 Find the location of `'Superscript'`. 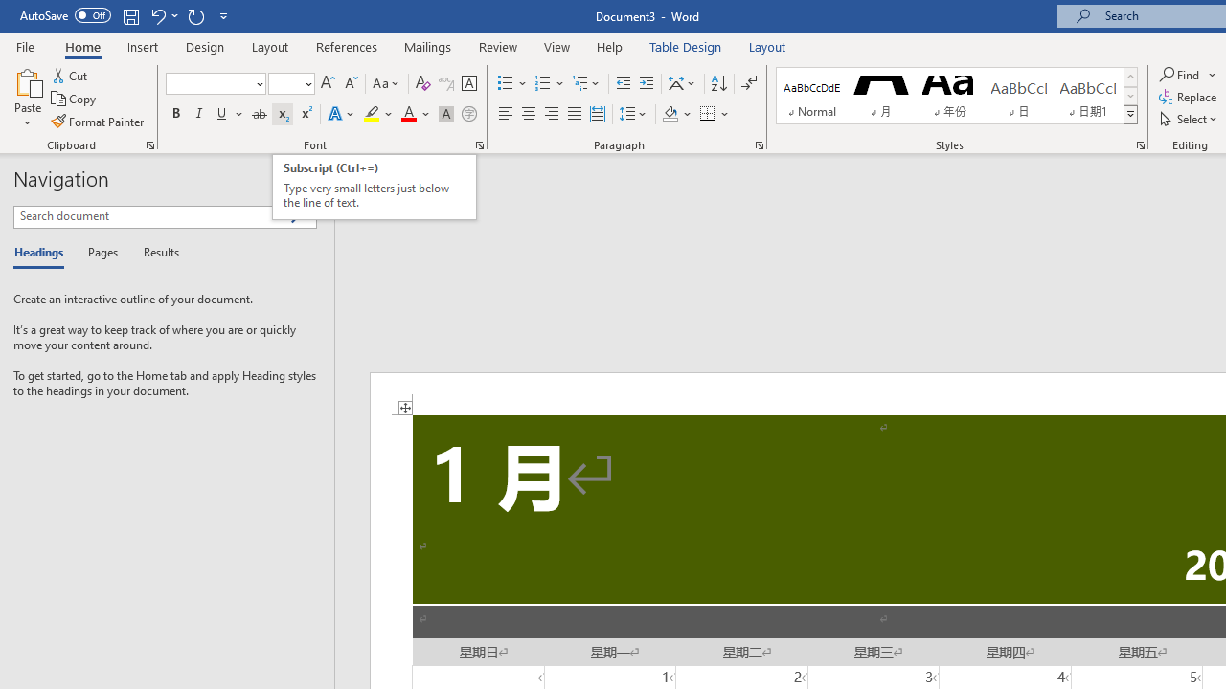

'Superscript' is located at coordinates (305, 114).